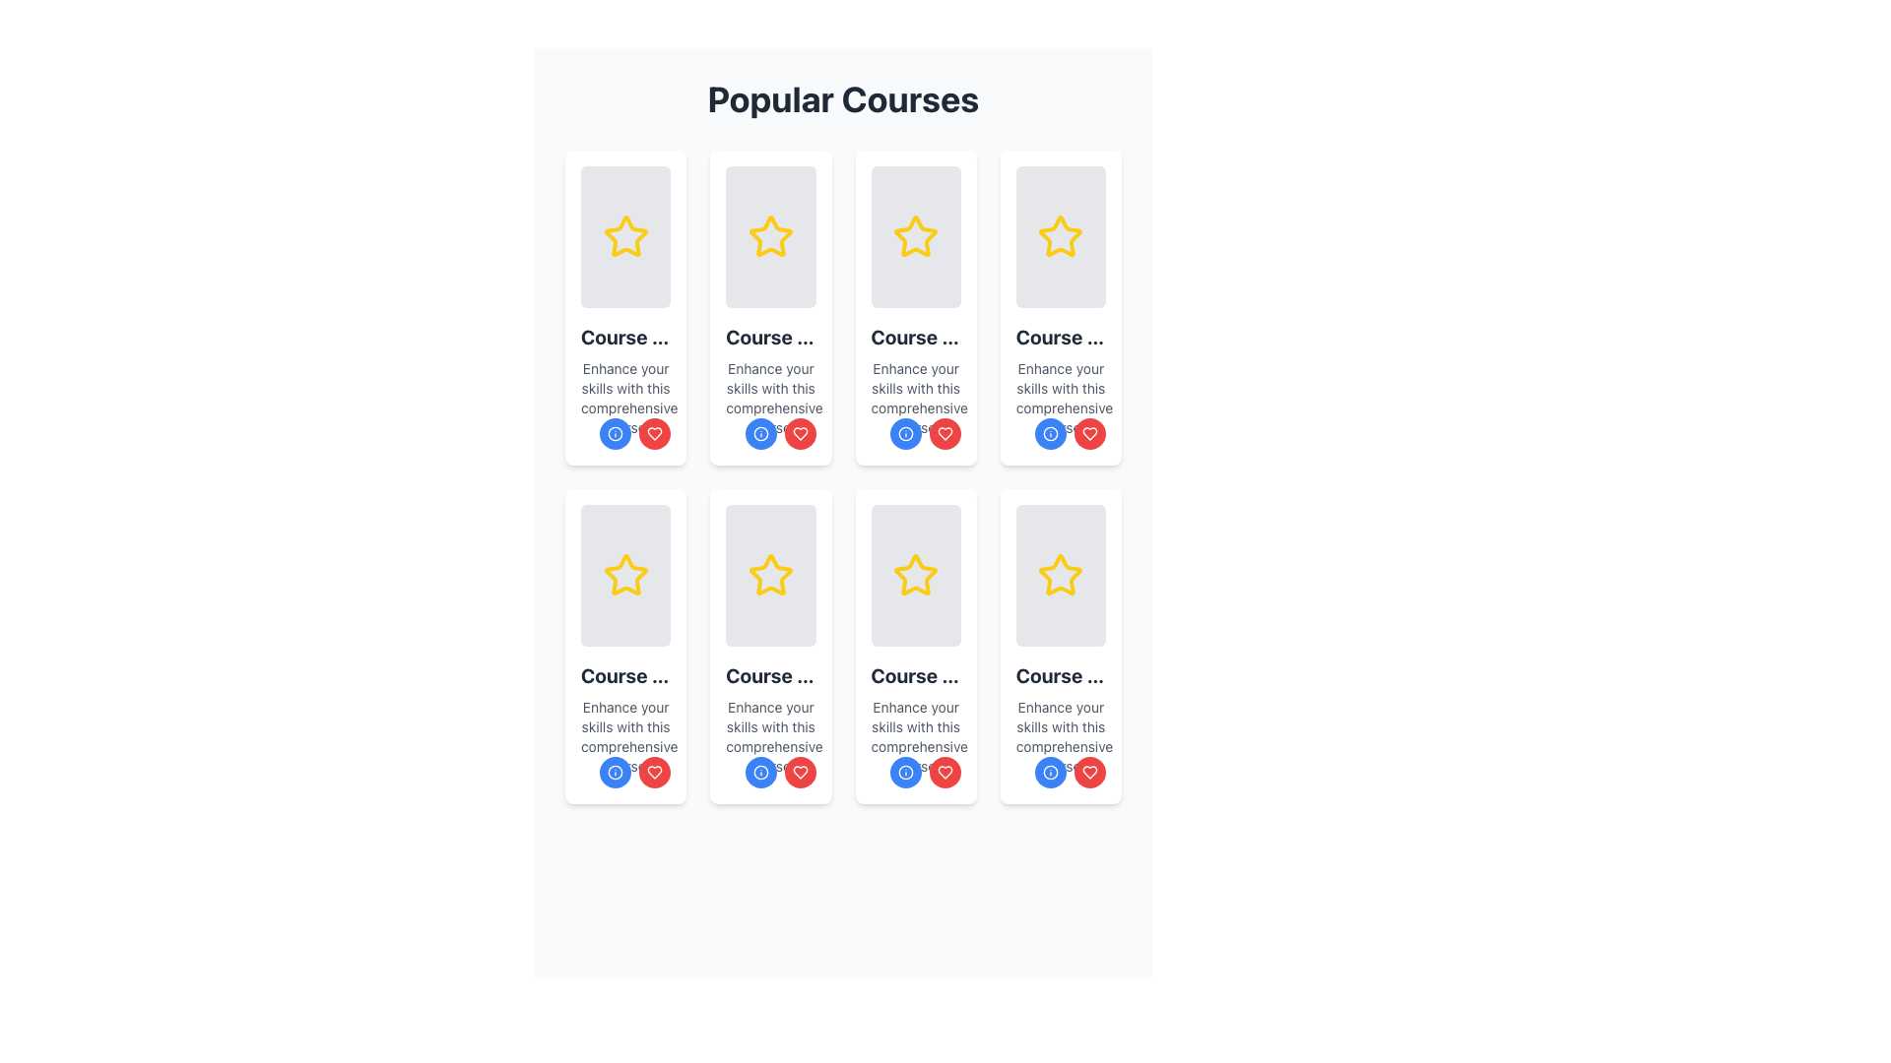 The image size is (1891, 1063). I want to click on the star icon in the top-right card of the course grid, so click(915, 235).